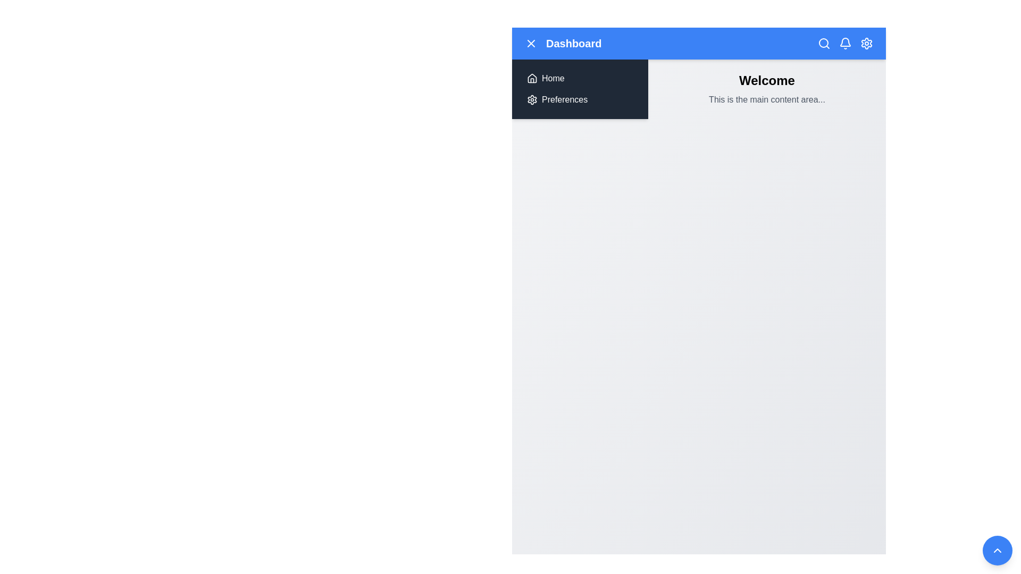 The image size is (1021, 574). I want to click on the house icon, which is styled with a minimalist line design and positioned to the left of the 'Home' text in the vertical menu under the 'Dashboard' header, so click(532, 78).